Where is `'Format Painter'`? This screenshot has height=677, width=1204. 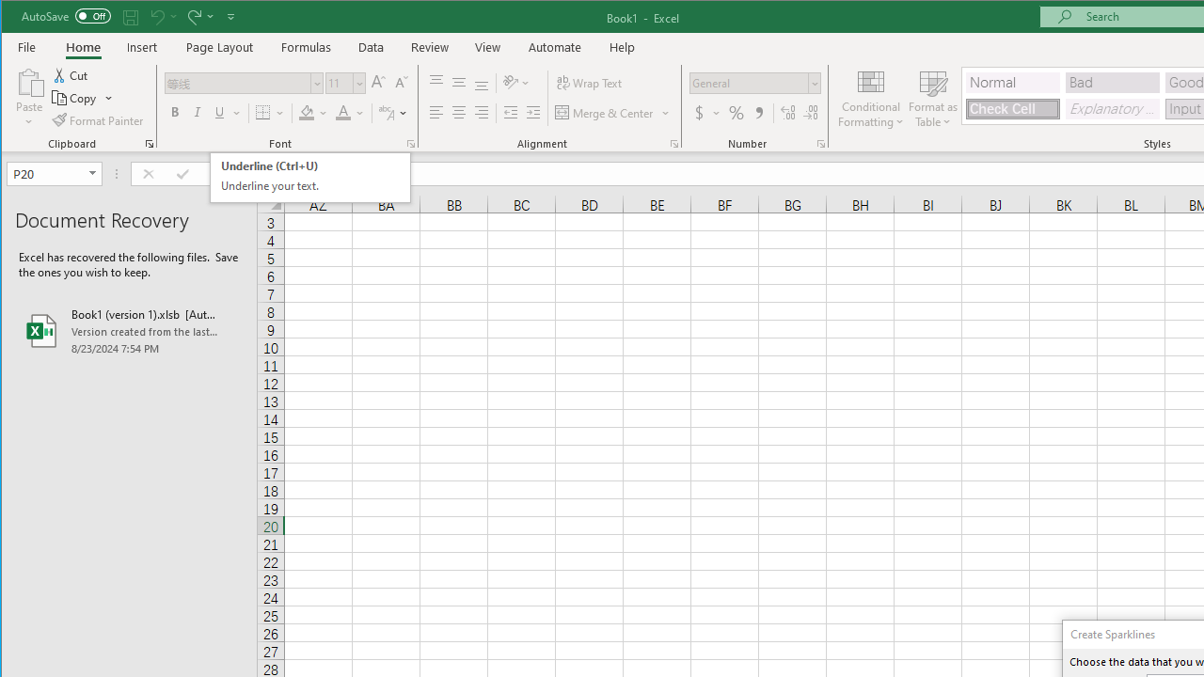
'Format Painter' is located at coordinates (98, 120).